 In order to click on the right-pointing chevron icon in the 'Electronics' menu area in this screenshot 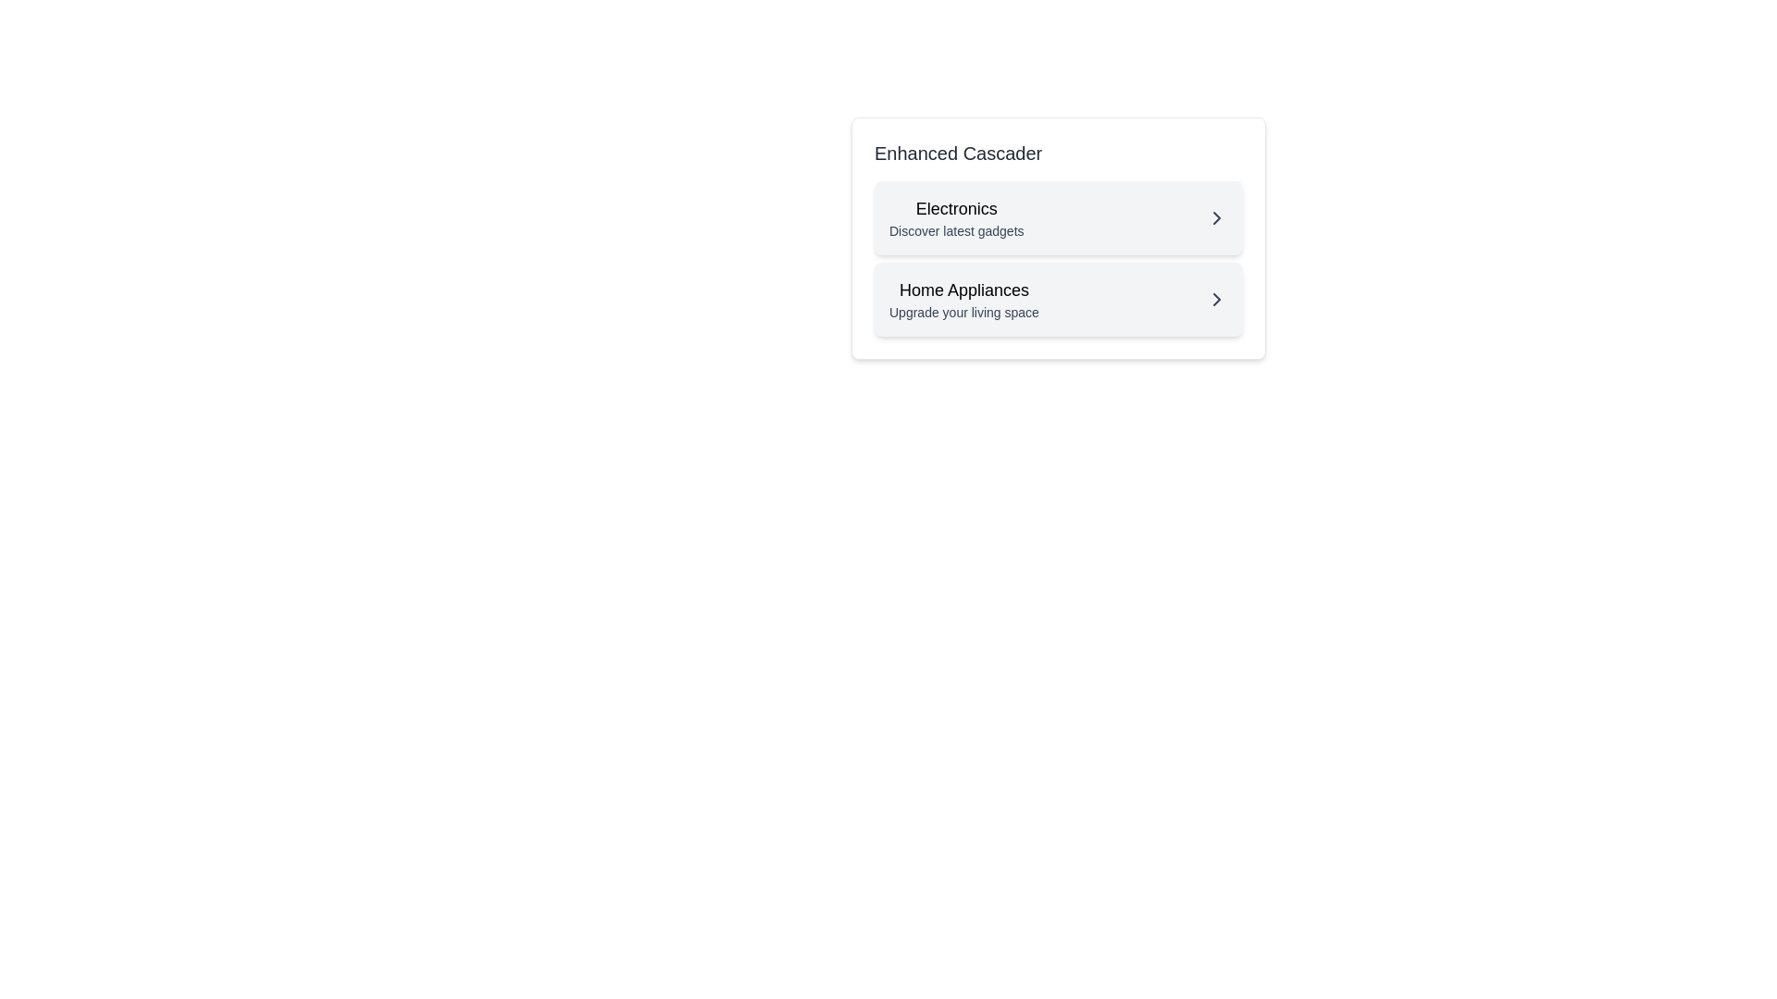, I will do `click(1217, 216)`.